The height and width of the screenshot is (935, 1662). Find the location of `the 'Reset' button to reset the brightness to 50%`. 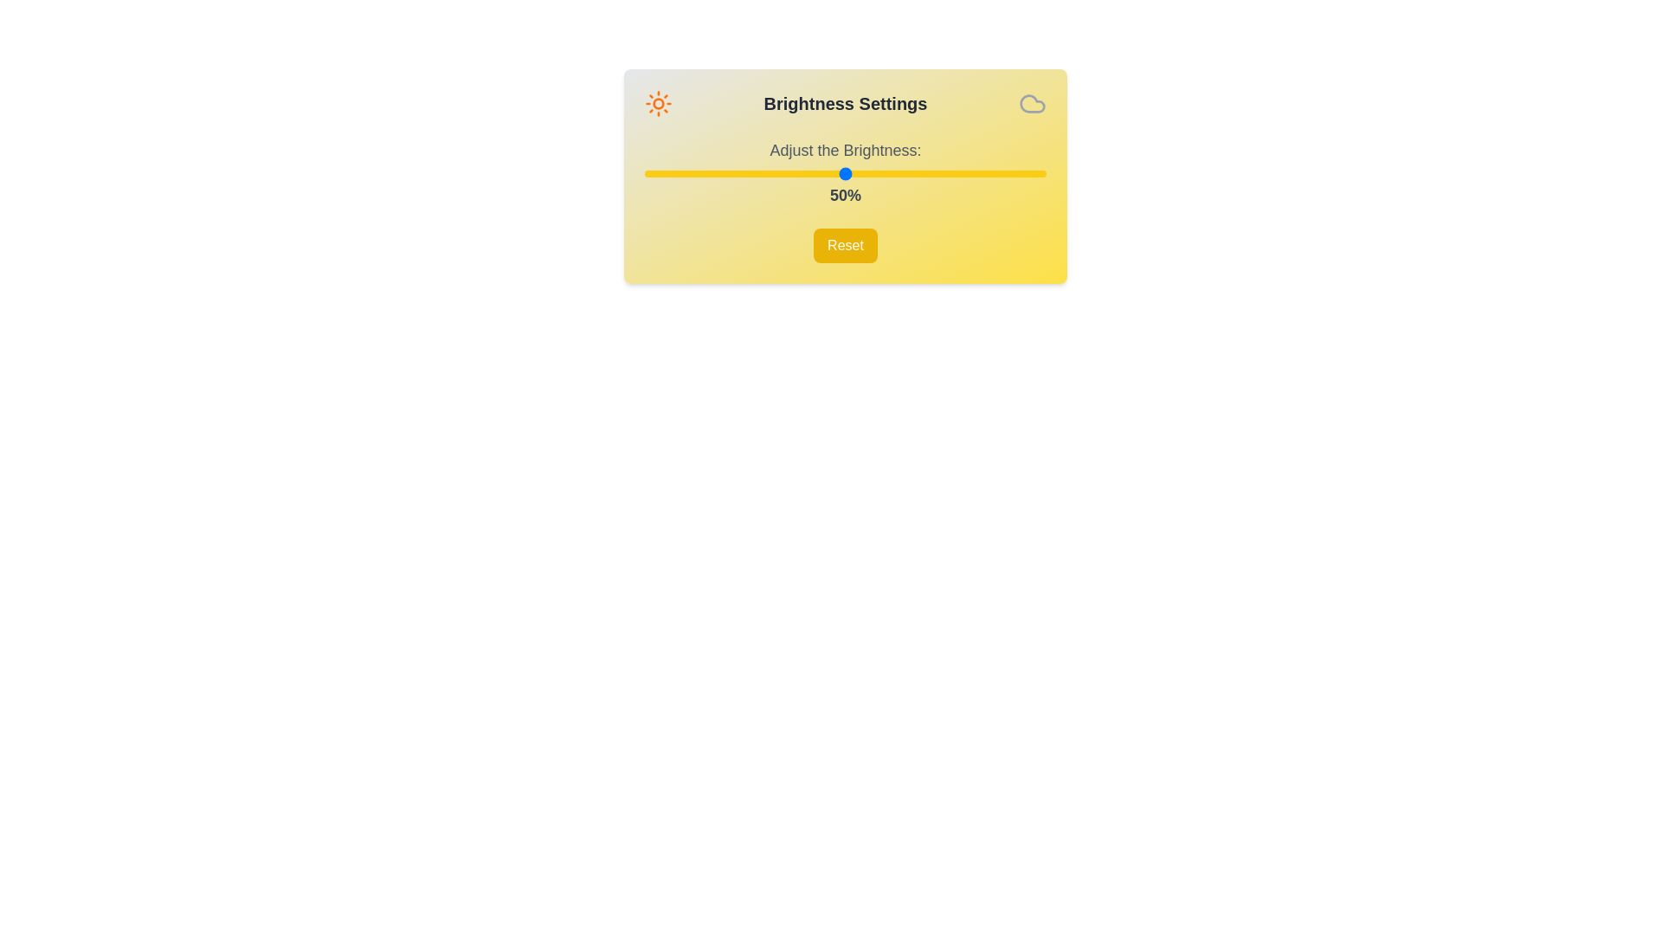

the 'Reset' button to reset the brightness to 50% is located at coordinates (845, 246).